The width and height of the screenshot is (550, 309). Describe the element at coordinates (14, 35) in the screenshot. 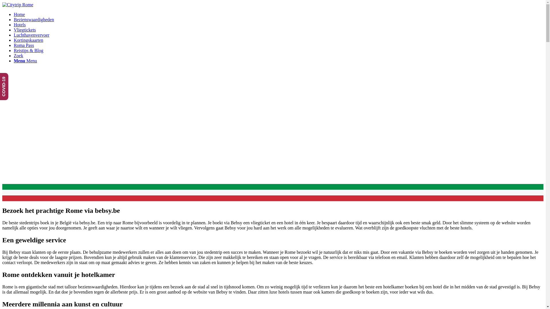

I see `'Luchthavenvervoer'` at that location.